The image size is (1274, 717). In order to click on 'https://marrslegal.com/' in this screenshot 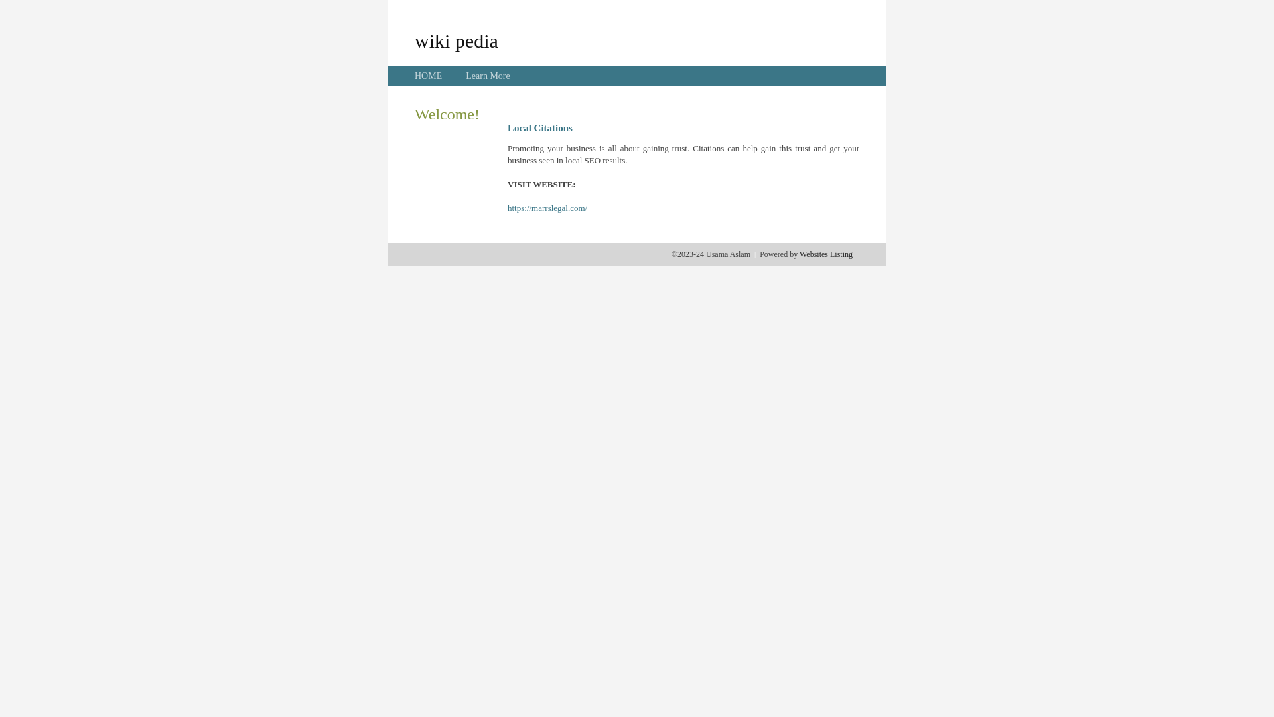, I will do `click(547, 208)`.